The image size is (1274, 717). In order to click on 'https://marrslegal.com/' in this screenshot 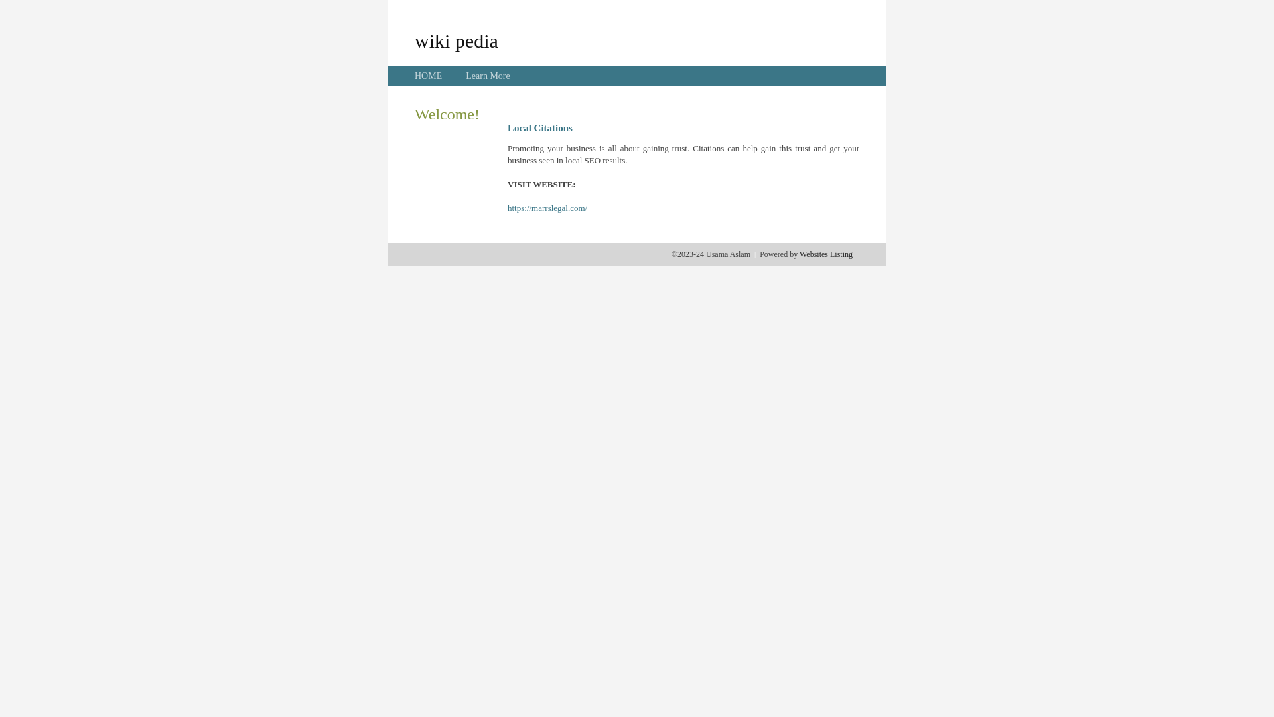, I will do `click(547, 208)`.